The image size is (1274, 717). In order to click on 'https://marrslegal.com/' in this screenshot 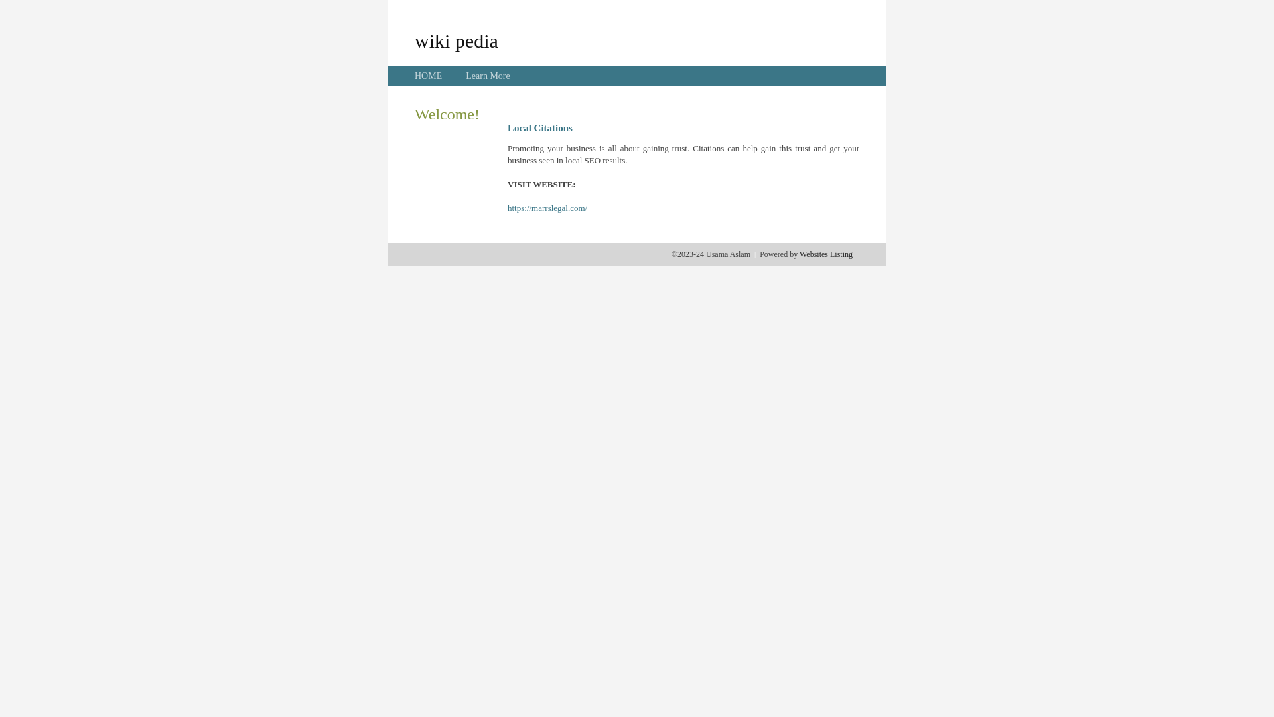, I will do `click(547, 208)`.